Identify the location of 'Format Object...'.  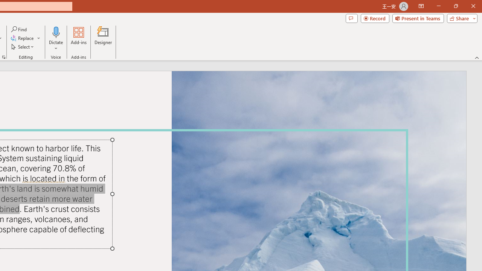
(4, 56).